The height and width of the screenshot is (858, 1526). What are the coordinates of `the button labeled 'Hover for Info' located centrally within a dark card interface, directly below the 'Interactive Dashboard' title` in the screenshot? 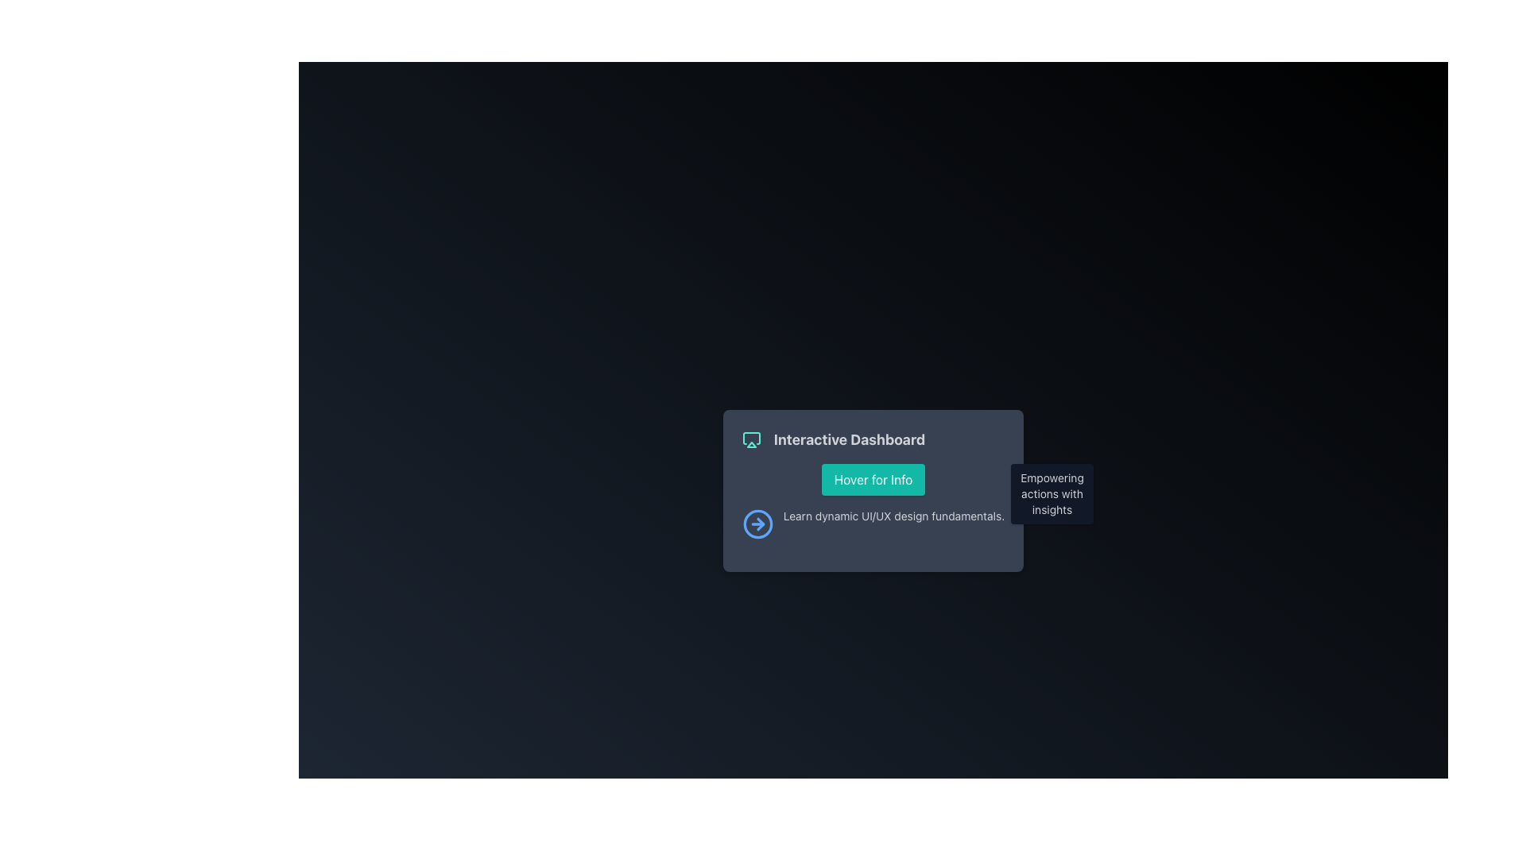 It's located at (873, 479).